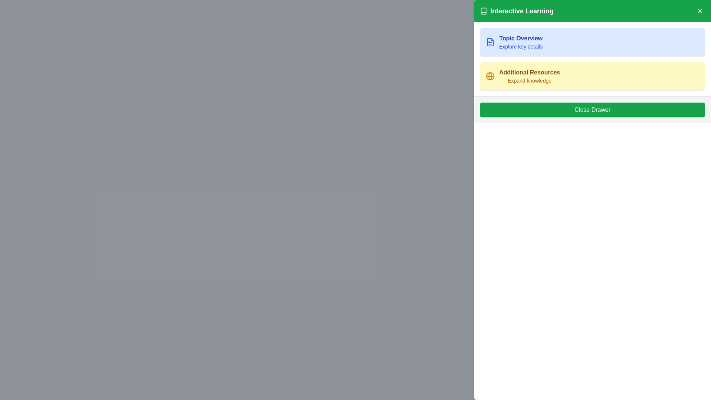  Describe the element at coordinates (592, 110) in the screenshot. I see `the button located at the bottom section of the drawer interface on the right side` at that location.